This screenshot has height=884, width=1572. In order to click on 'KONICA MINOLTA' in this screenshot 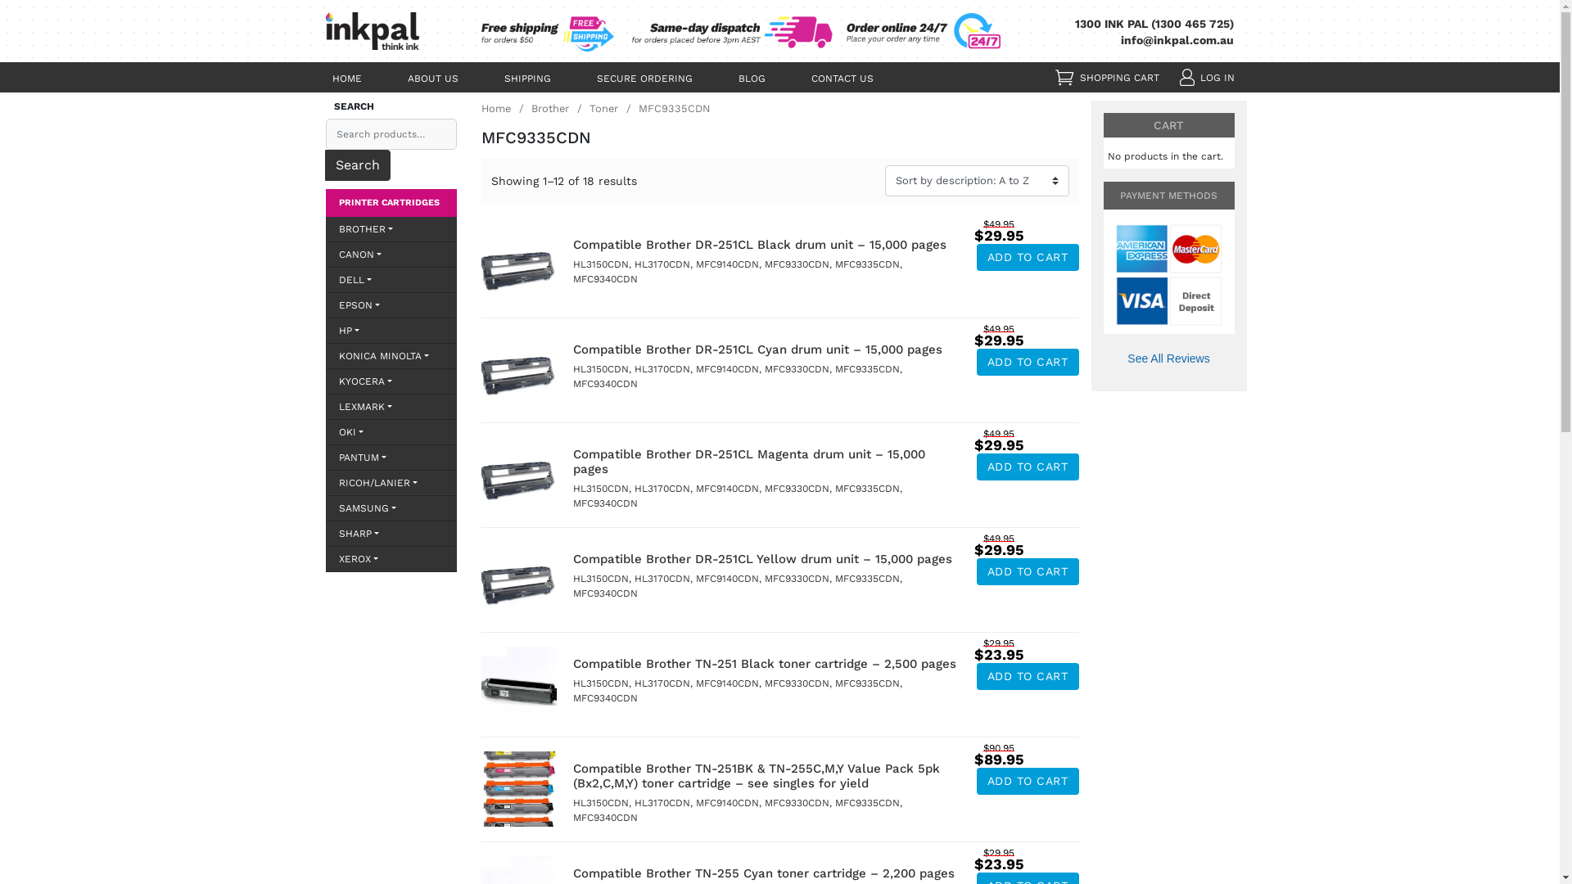, I will do `click(326, 355)`.